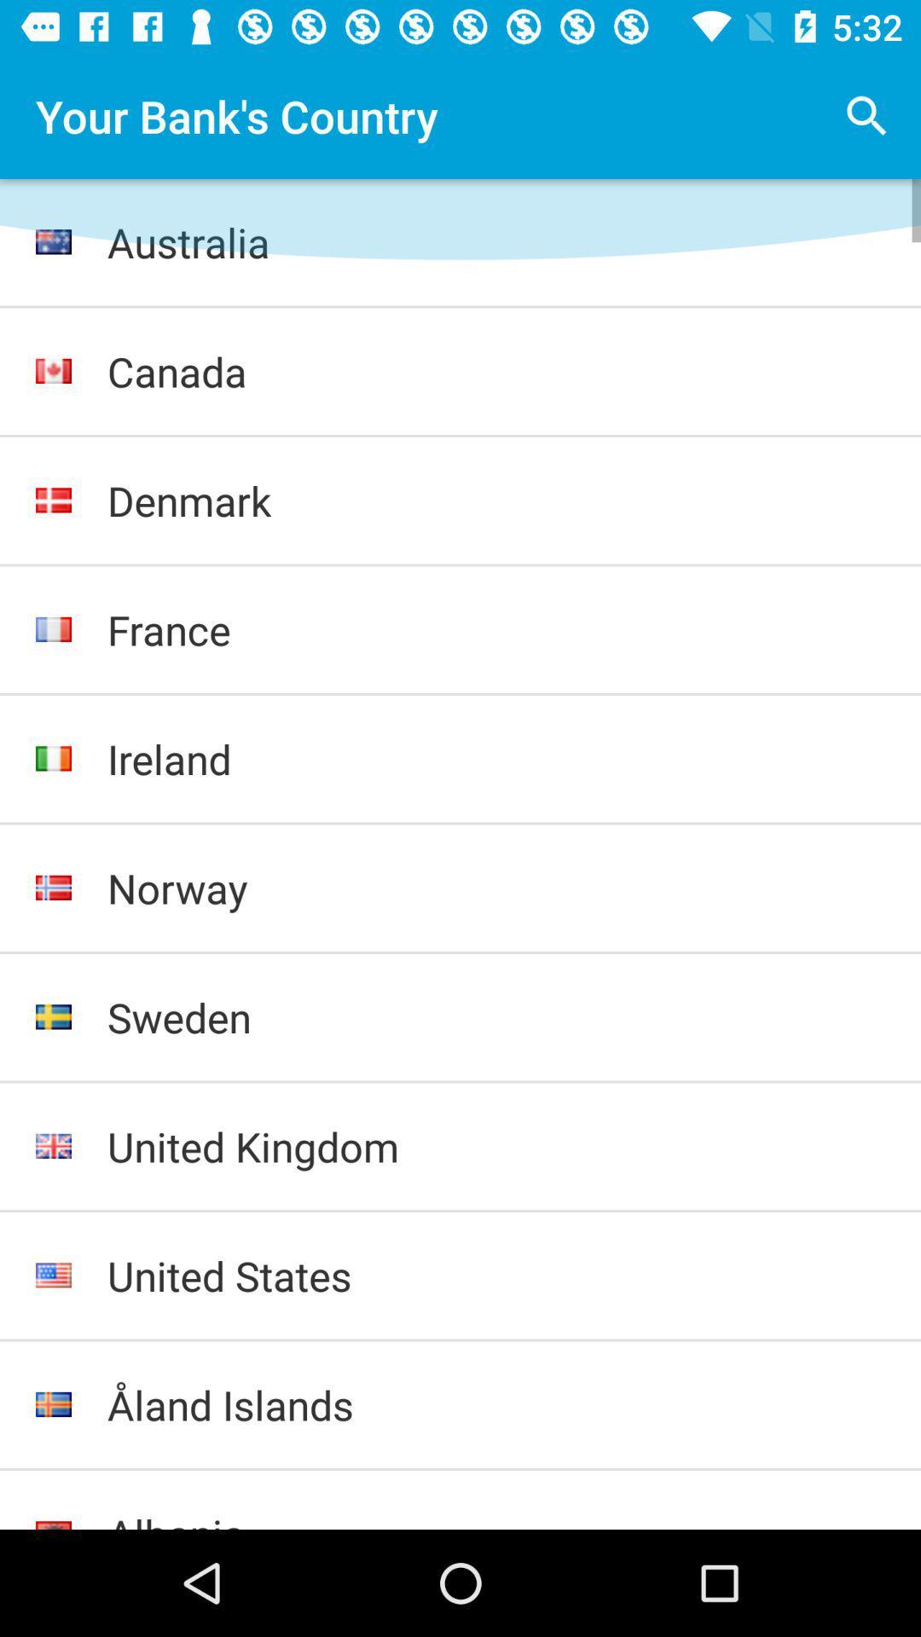  Describe the element at coordinates (496, 1518) in the screenshot. I see `the albania icon` at that location.